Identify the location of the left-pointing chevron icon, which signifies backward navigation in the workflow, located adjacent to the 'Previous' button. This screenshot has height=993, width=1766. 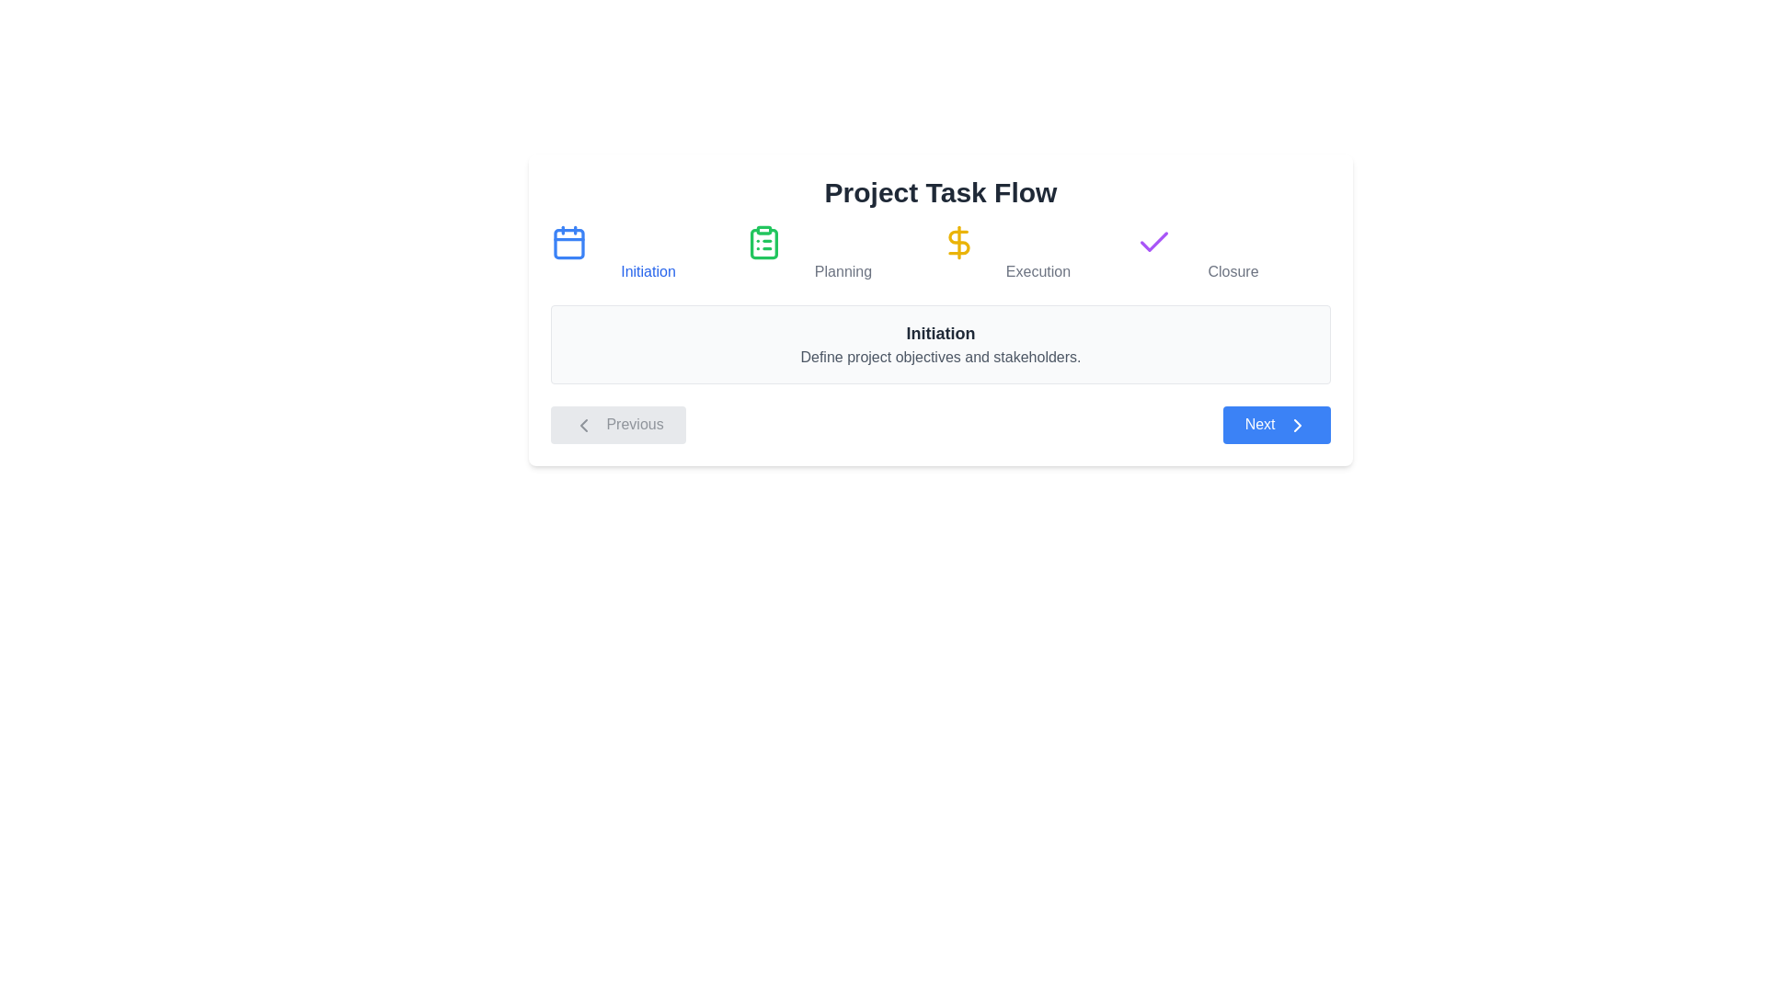
(582, 425).